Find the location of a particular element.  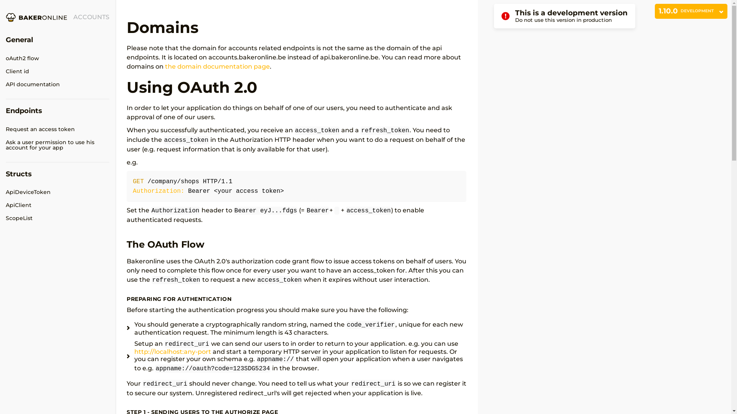

'http://localhost:any-port' is located at coordinates (172, 352).